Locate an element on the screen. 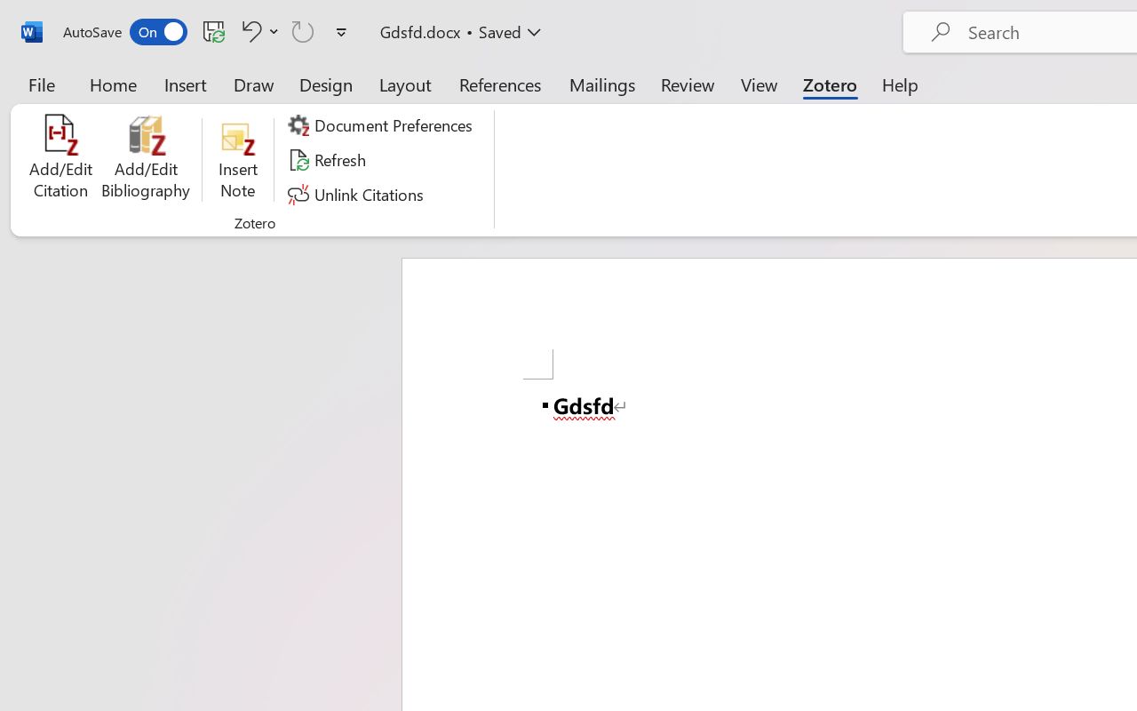 The width and height of the screenshot is (1137, 711). 'Add/Edit Bibliography' is located at coordinates (146, 159).